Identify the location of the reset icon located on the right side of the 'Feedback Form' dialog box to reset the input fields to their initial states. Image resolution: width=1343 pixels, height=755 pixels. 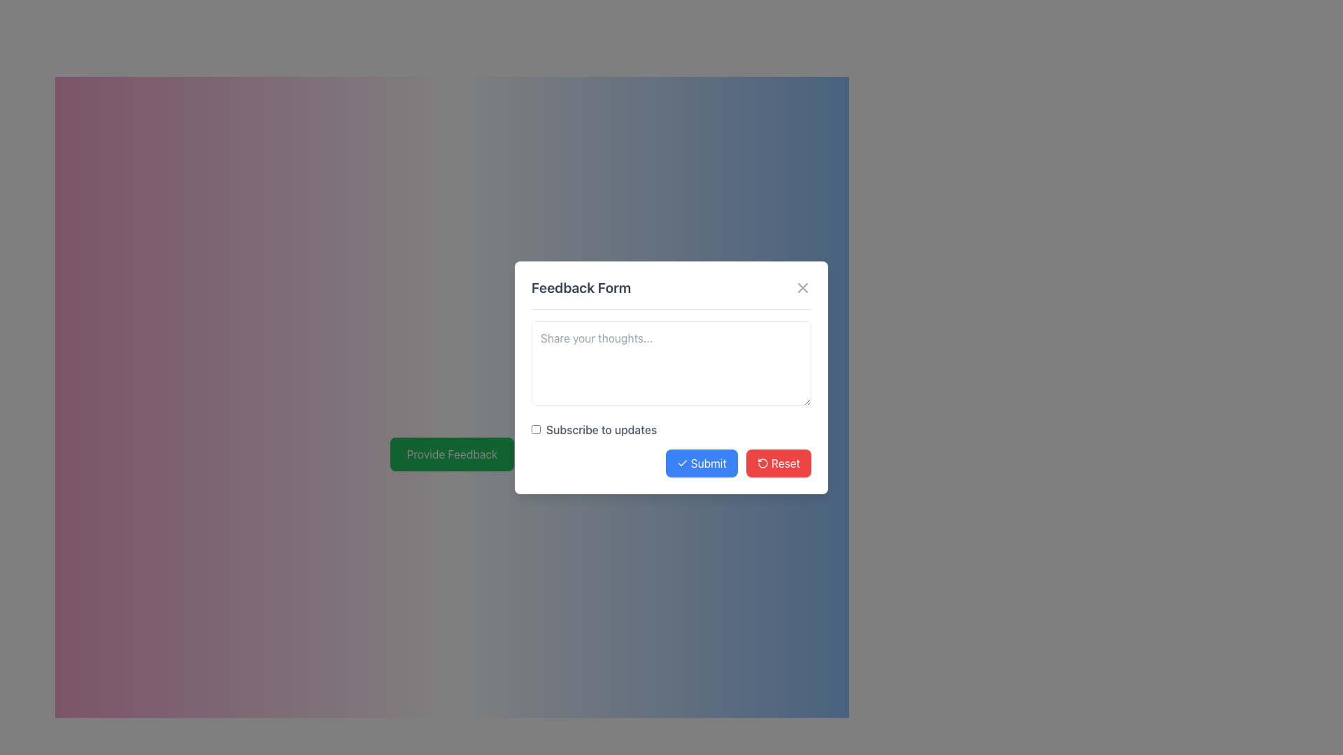
(762, 463).